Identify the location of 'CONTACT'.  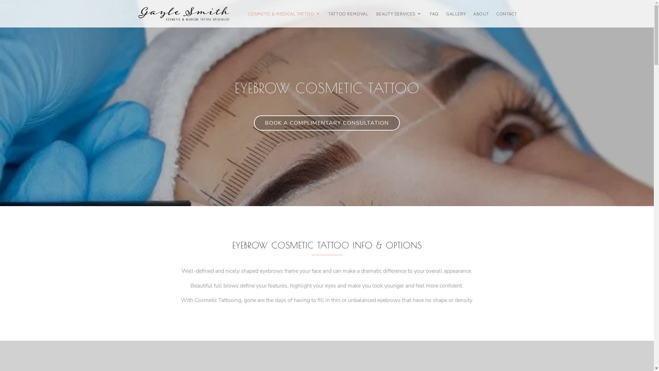
(507, 13).